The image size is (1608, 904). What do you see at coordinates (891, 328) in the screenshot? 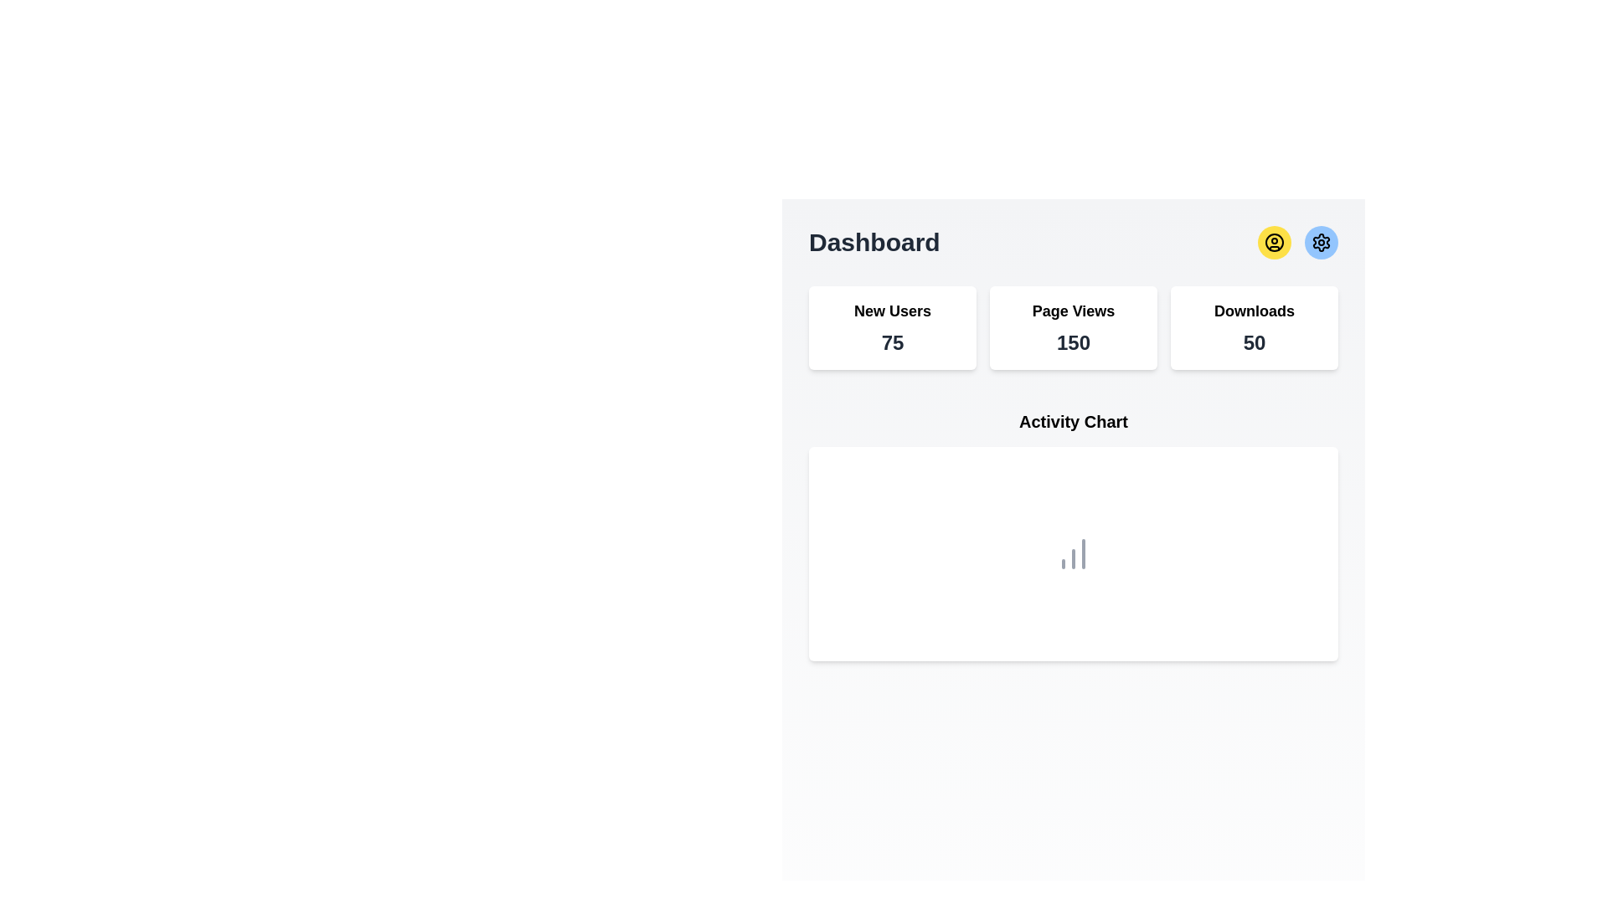
I see `the Information Display Card that shows 'New Users' and the number '75', which is the first card in the grid layout under the 'Dashboard' heading` at bounding box center [891, 328].